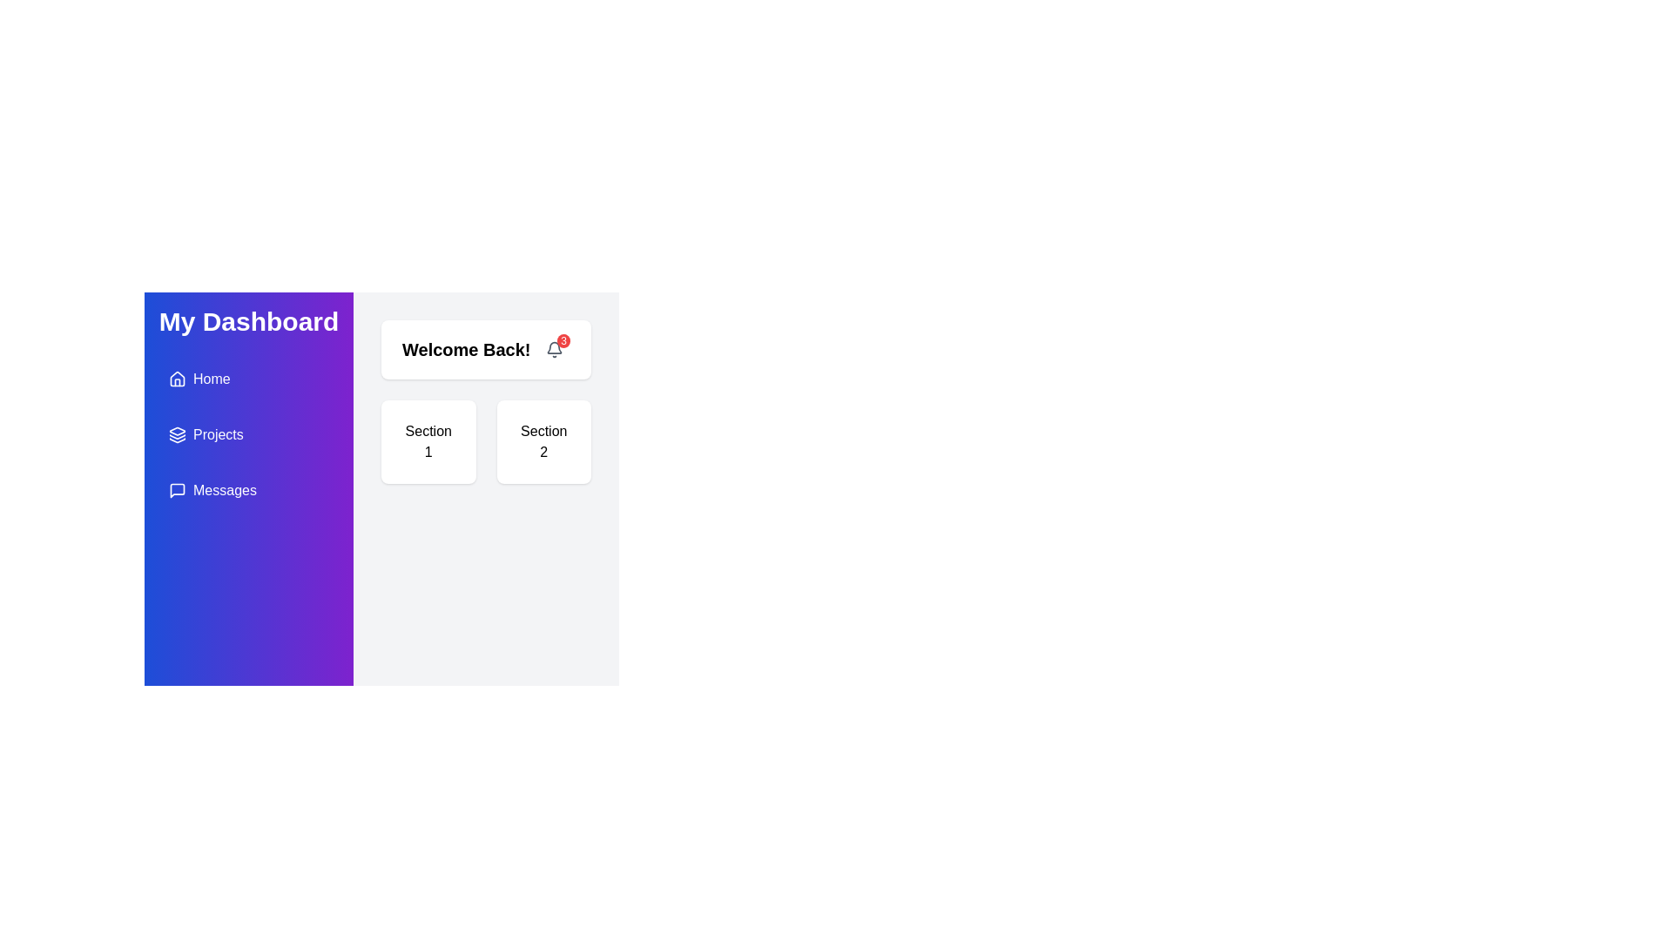 The image size is (1672, 940). I want to click on the welcoming text label positioned in the top right corner of the interface, so click(466, 349).